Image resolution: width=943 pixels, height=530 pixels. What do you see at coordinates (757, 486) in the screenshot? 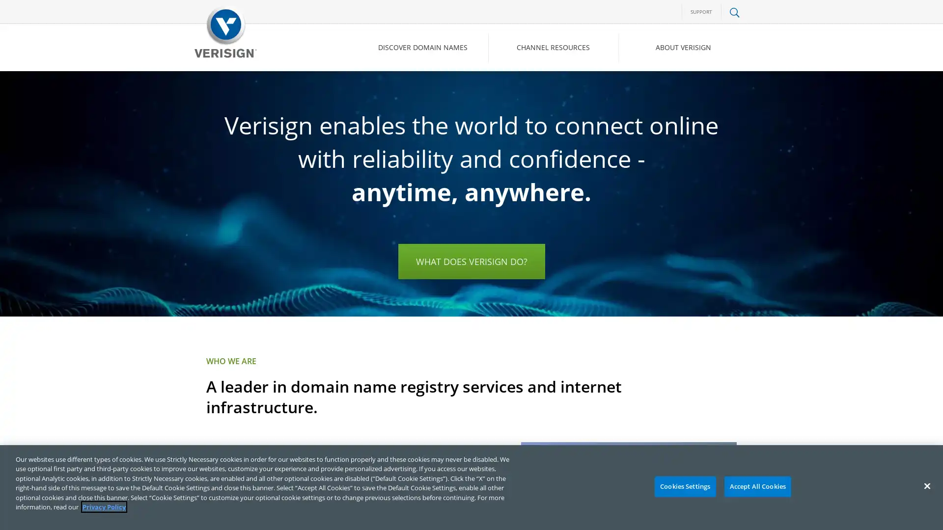
I see `Accept All Cookies` at bounding box center [757, 486].